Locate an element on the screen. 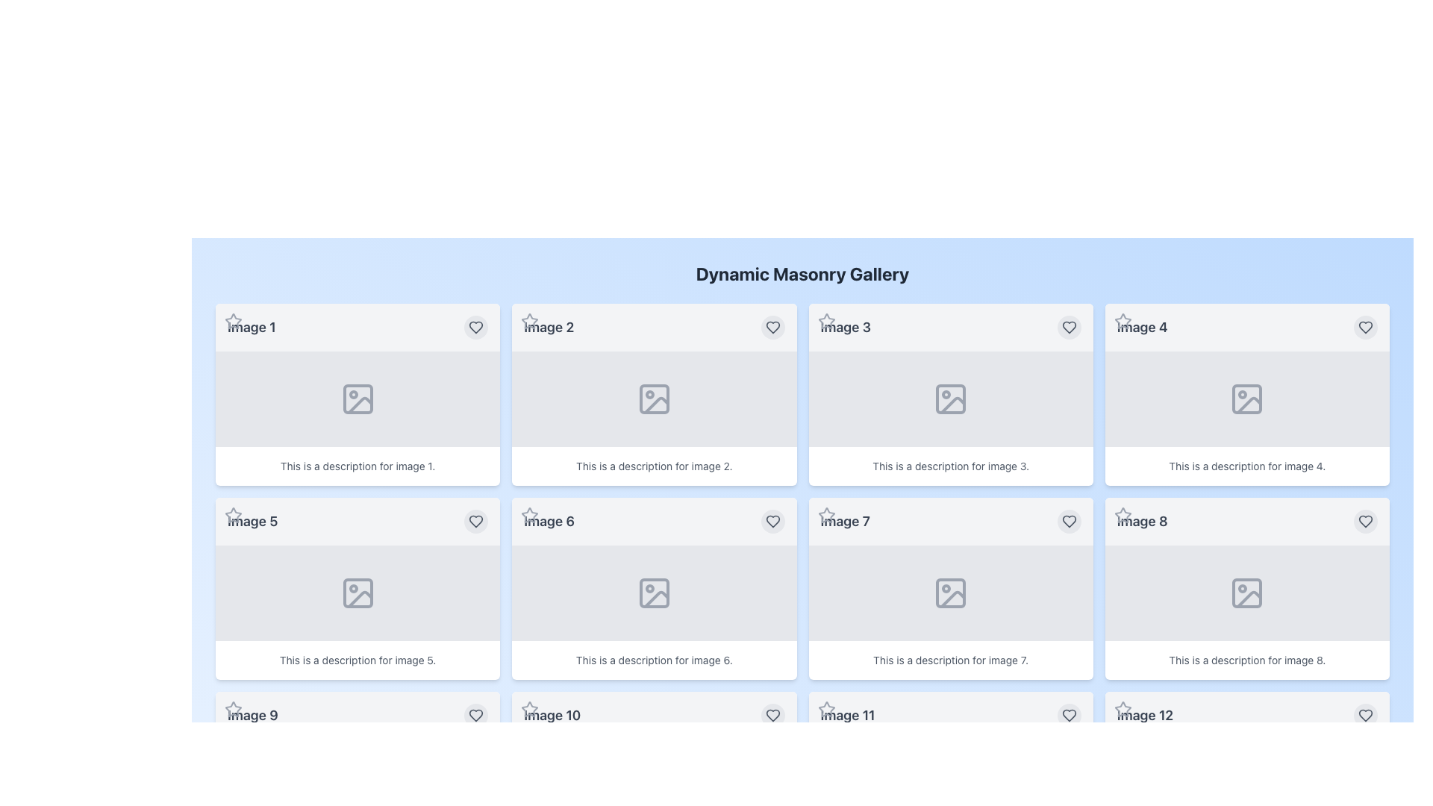  the heart icon button located in the upper-right corner of the 'Image 4' card to mark it as favorite is located at coordinates (1365, 327).